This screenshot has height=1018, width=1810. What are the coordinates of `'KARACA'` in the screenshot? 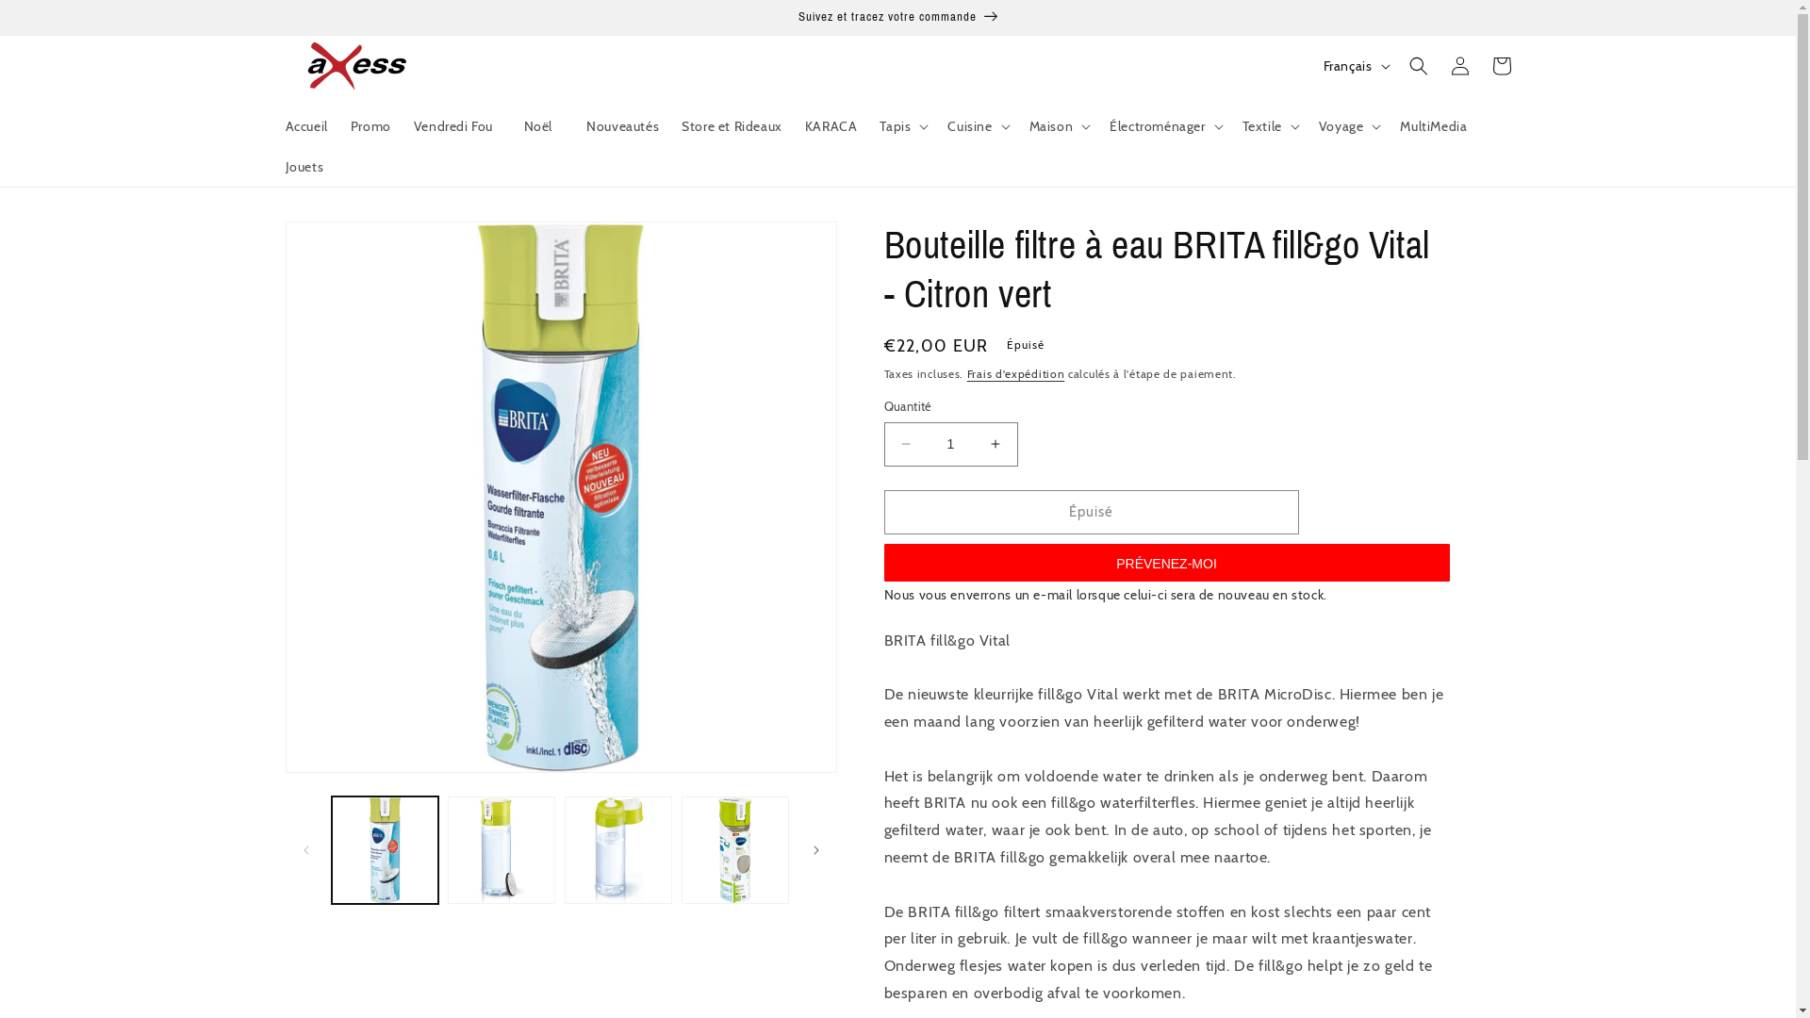 It's located at (831, 126).